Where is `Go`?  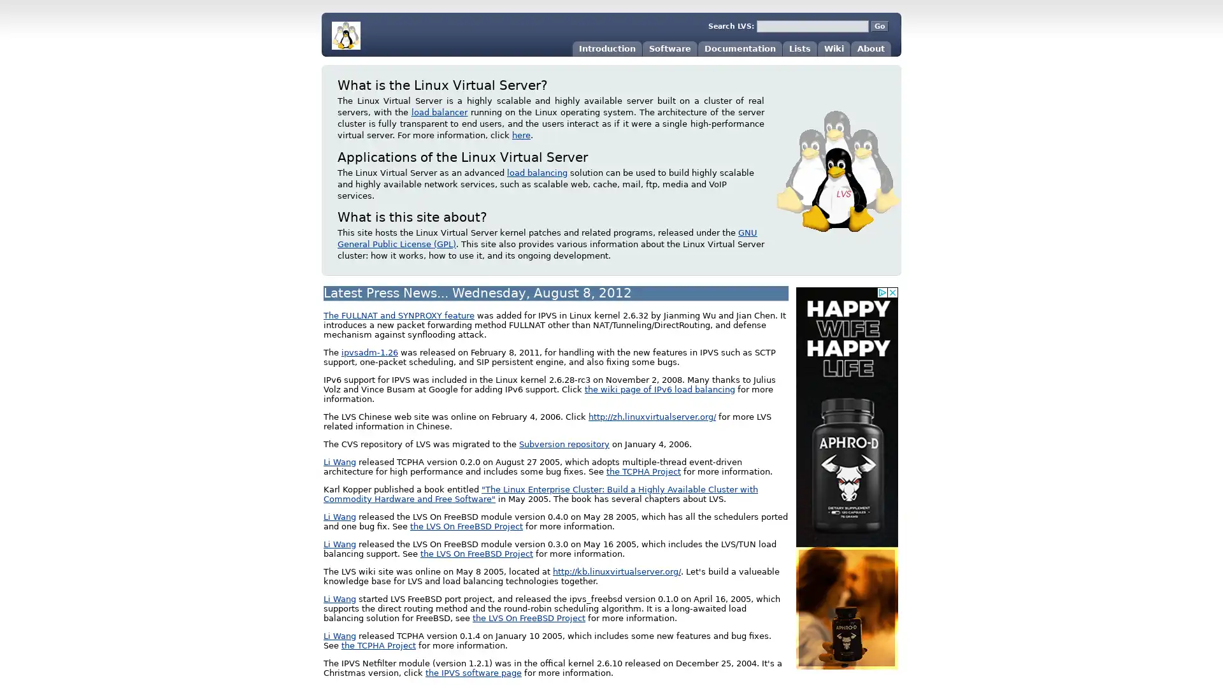
Go is located at coordinates (879, 26).